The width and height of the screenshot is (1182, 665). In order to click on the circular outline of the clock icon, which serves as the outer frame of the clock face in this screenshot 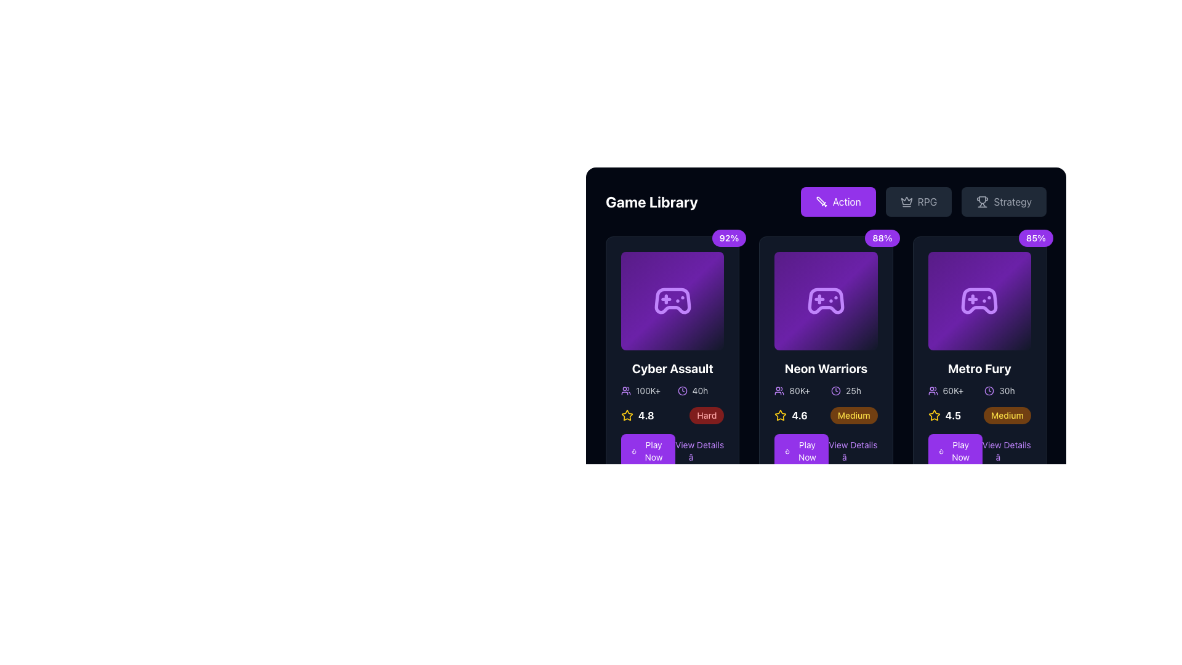, I will do `click(836, 391)`.